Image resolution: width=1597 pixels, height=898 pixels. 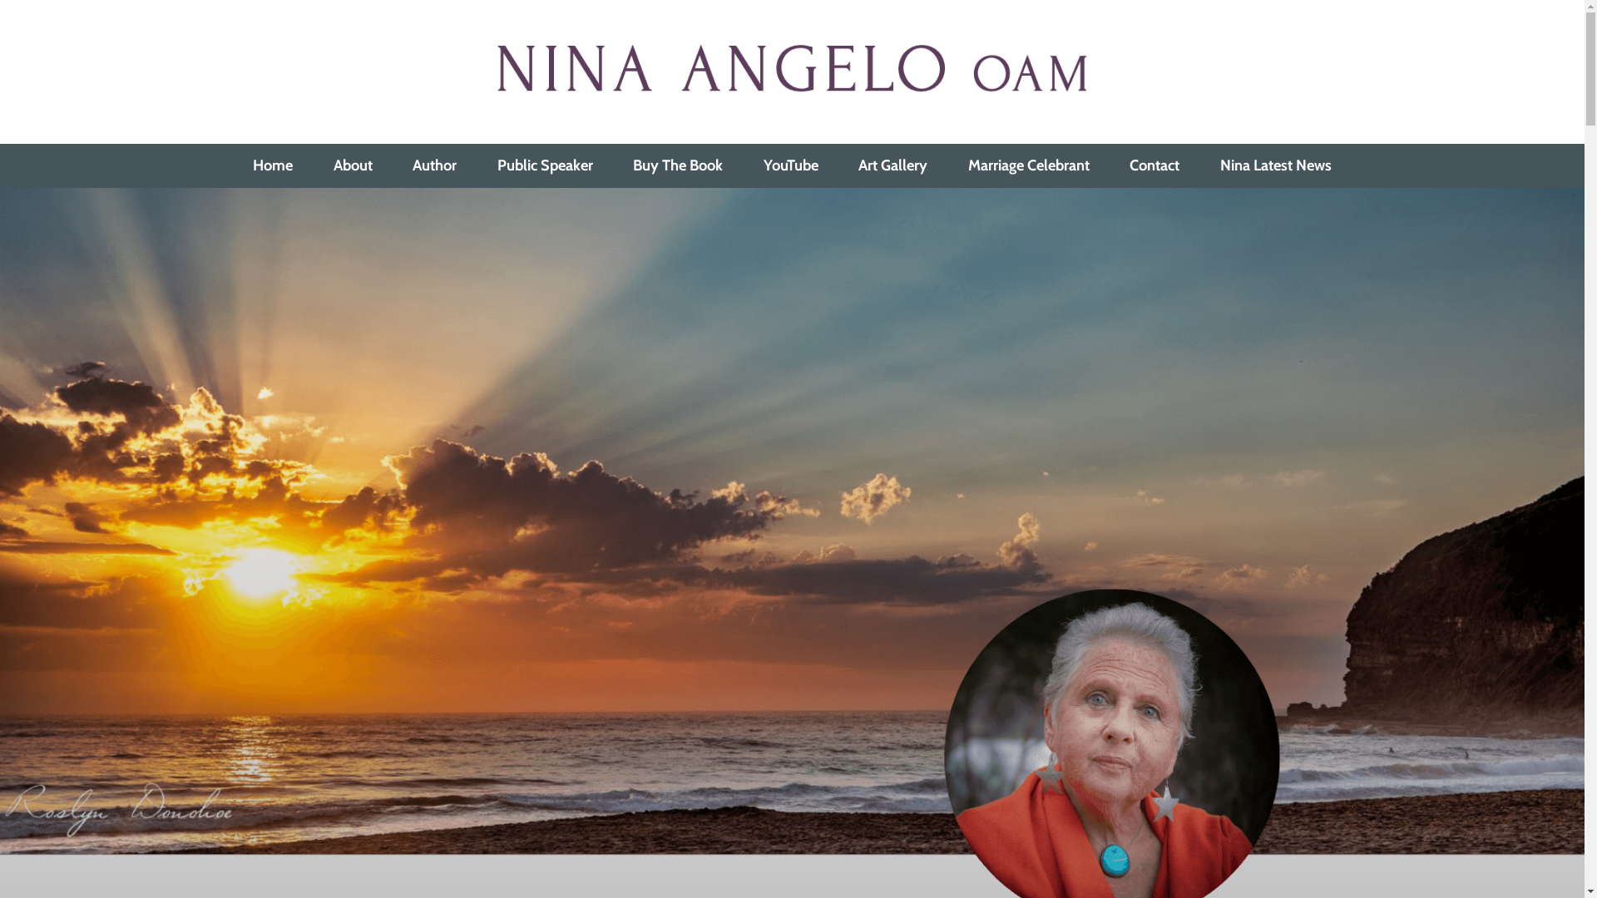 What do you see at coordinates (274, 165) in the screenshot?
I see `'Home'` at bounding box center [274, 165].